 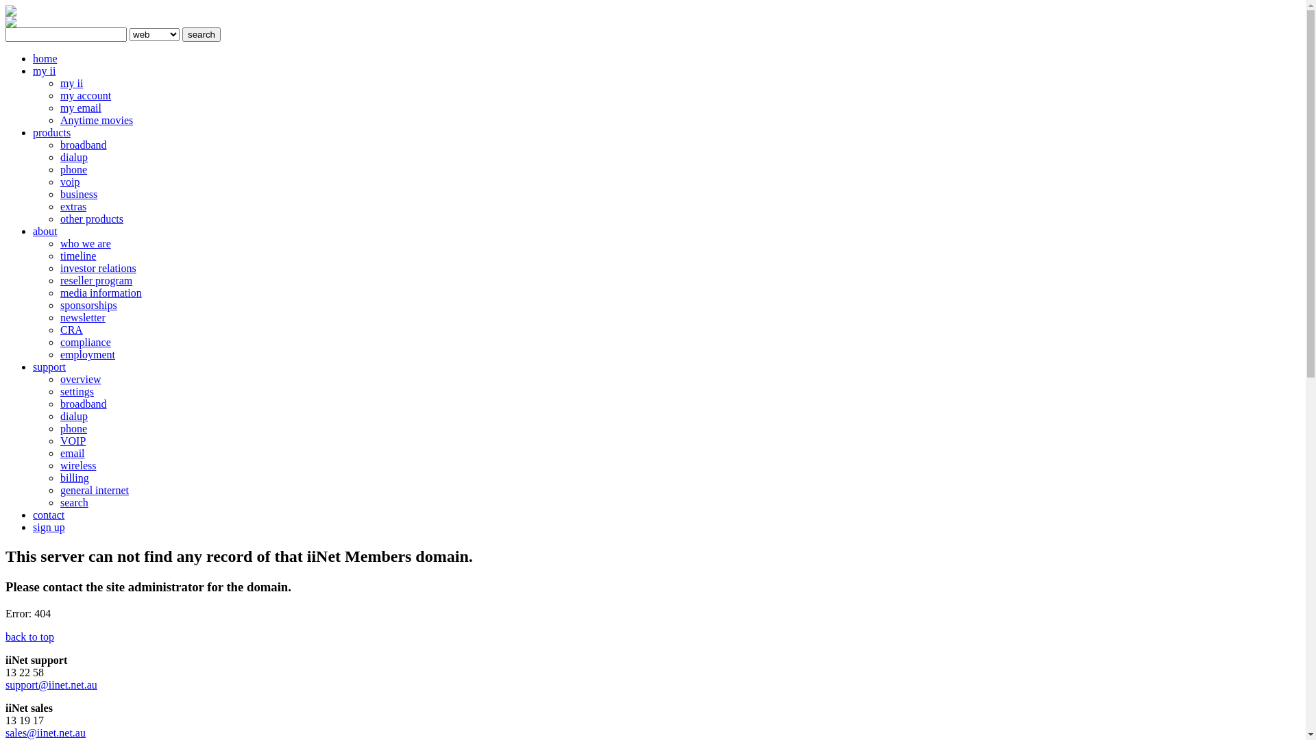 What do you see at coordinates (33, 366) in the screenshot?
I see `'support'` at bounding box center [33, 366].